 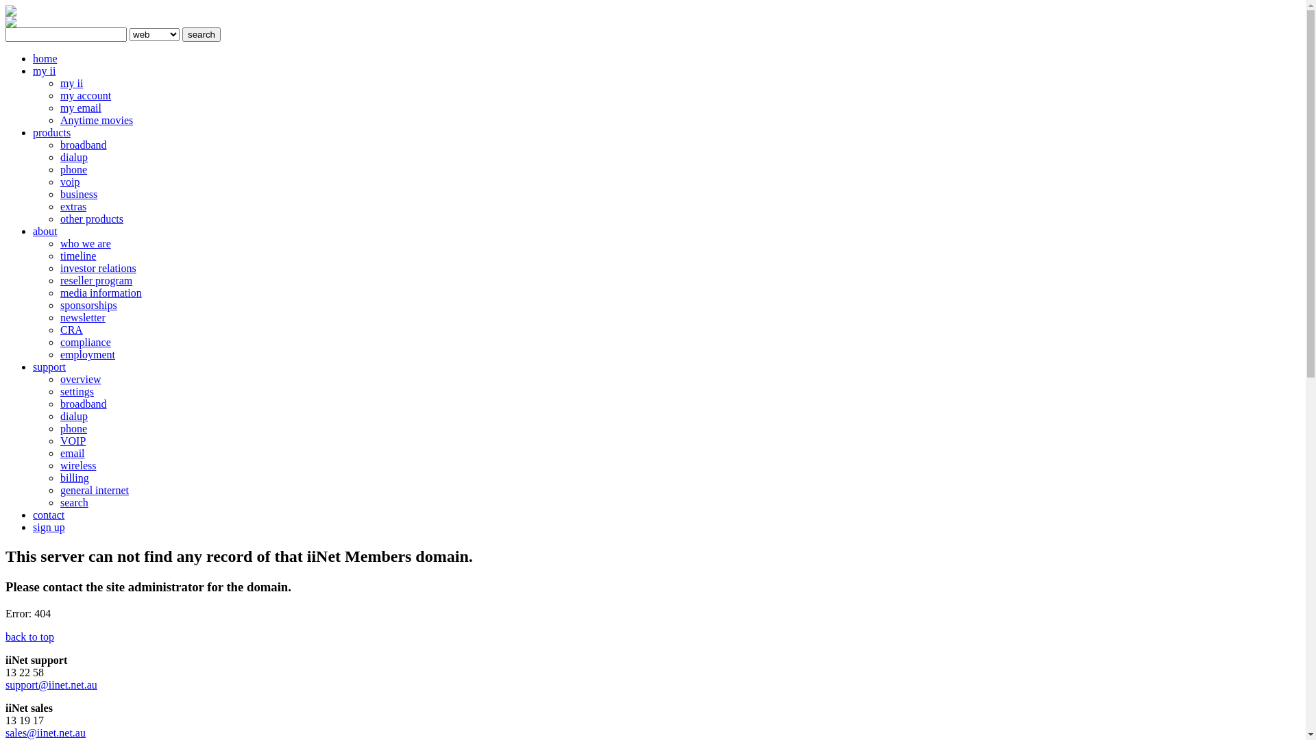 What do you see at coordinates (33, 366) in the screenshot?
I see `'support'` at bounding box center [33, 366].